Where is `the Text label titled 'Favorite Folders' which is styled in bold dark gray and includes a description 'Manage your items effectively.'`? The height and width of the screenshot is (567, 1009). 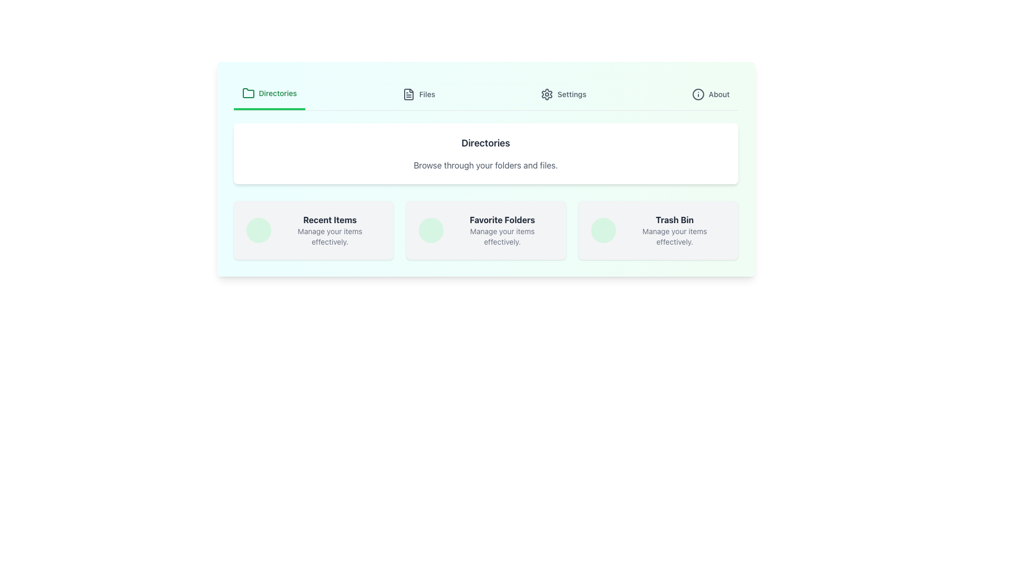 the Text label titled 'Favorite Folders' which is styled in bold dark gray and includes a description 'Manage your items effectively.' is located at coordinates (501, 230).